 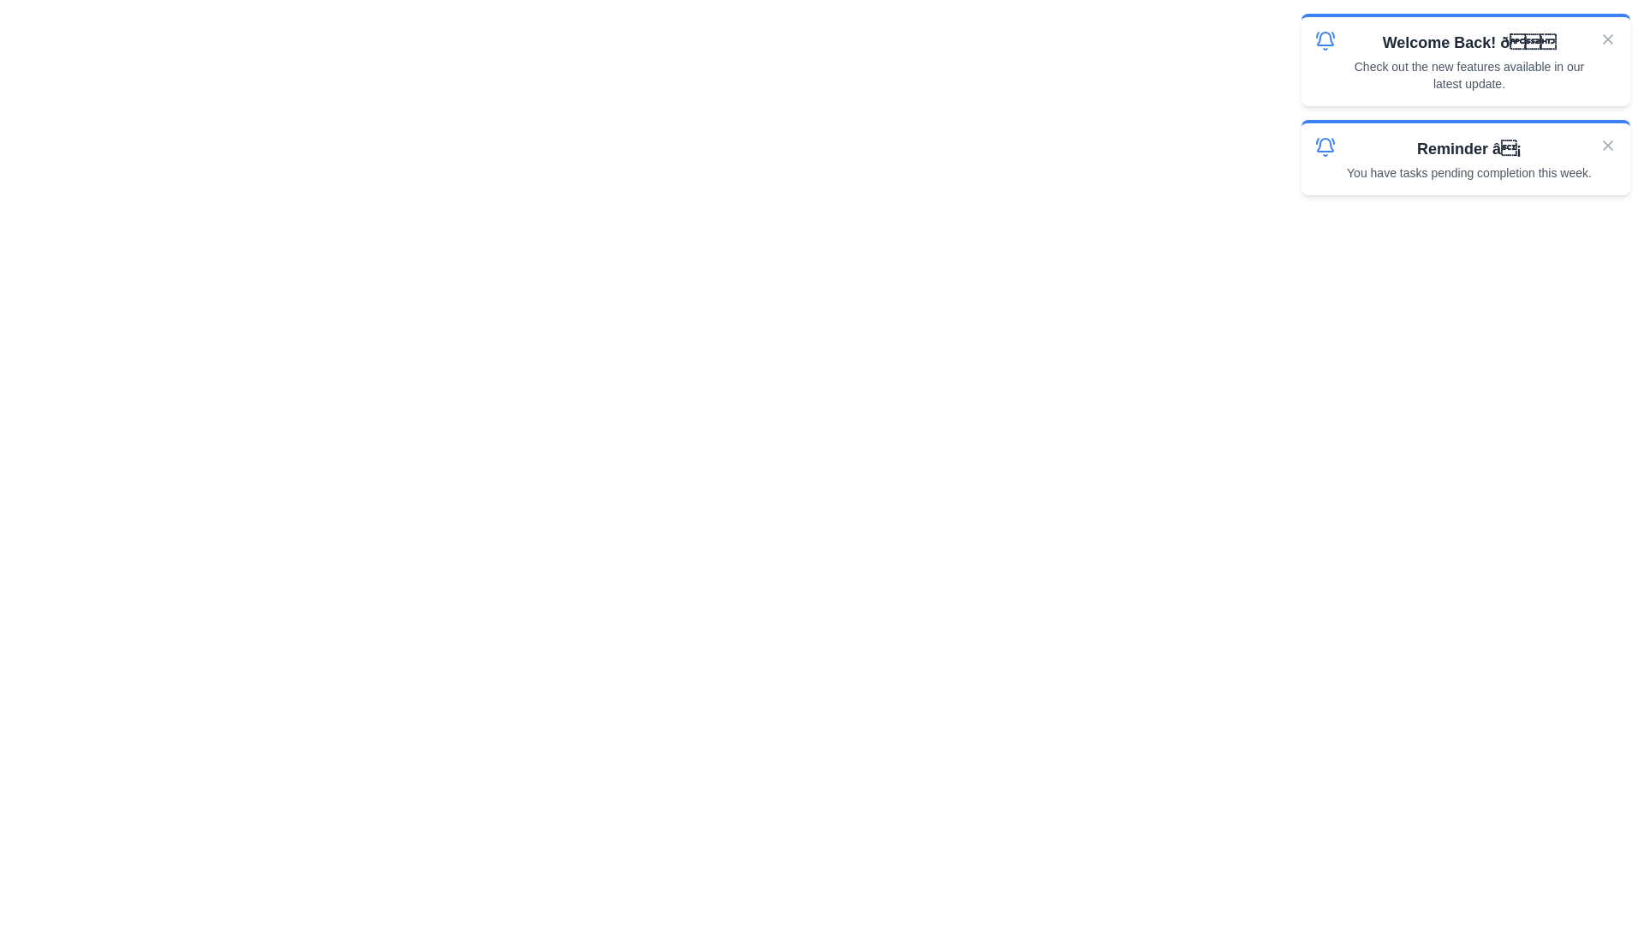 What do you see at coordinates (1606, 39) in the screenshot?
I see `the close button of the notification to dismiss it` at bounding box center [1606, 39].